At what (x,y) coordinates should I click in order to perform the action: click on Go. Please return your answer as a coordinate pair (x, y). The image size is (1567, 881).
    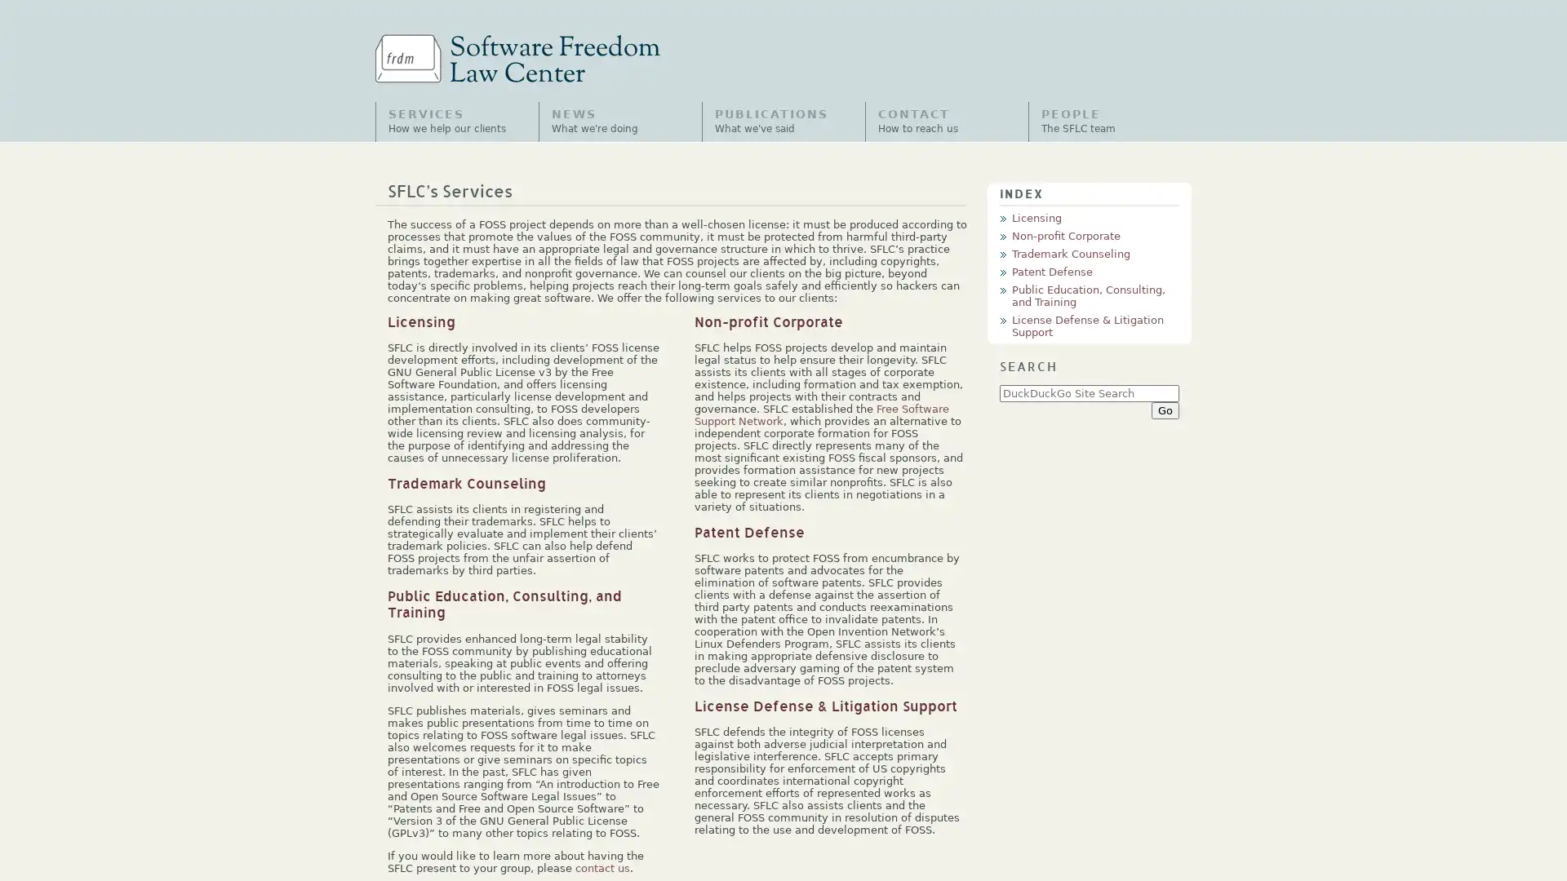
    Looking at the image, I should click on (1164, 409).